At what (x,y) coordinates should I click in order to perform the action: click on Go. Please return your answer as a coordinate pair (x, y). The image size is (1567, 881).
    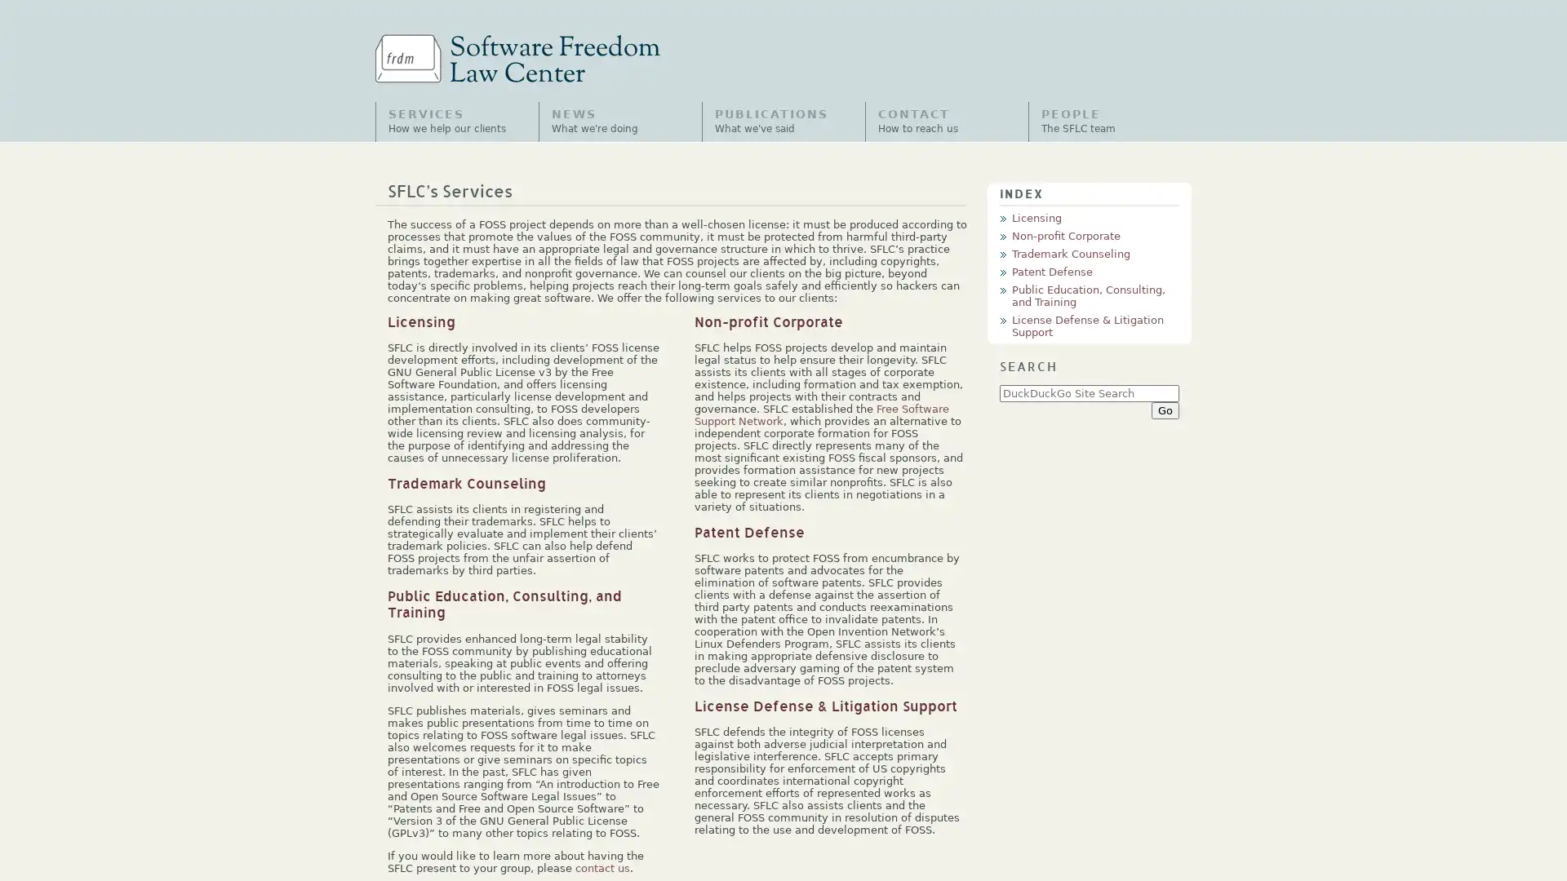
    Looking at the image, I should click on (1164, 409).